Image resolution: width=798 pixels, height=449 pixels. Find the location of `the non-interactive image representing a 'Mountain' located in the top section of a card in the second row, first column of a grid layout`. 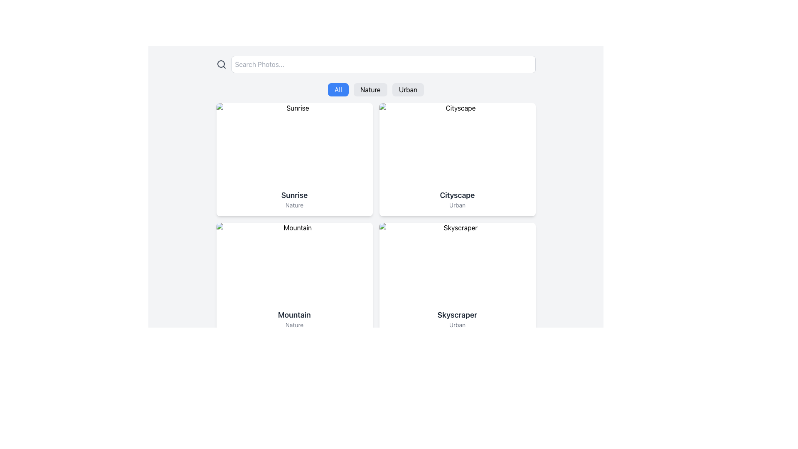

the non-interactive image representing a 'Mountain' located in the top section of a card in the second row, first column of a grid layout is located at coordinates (294, 263).